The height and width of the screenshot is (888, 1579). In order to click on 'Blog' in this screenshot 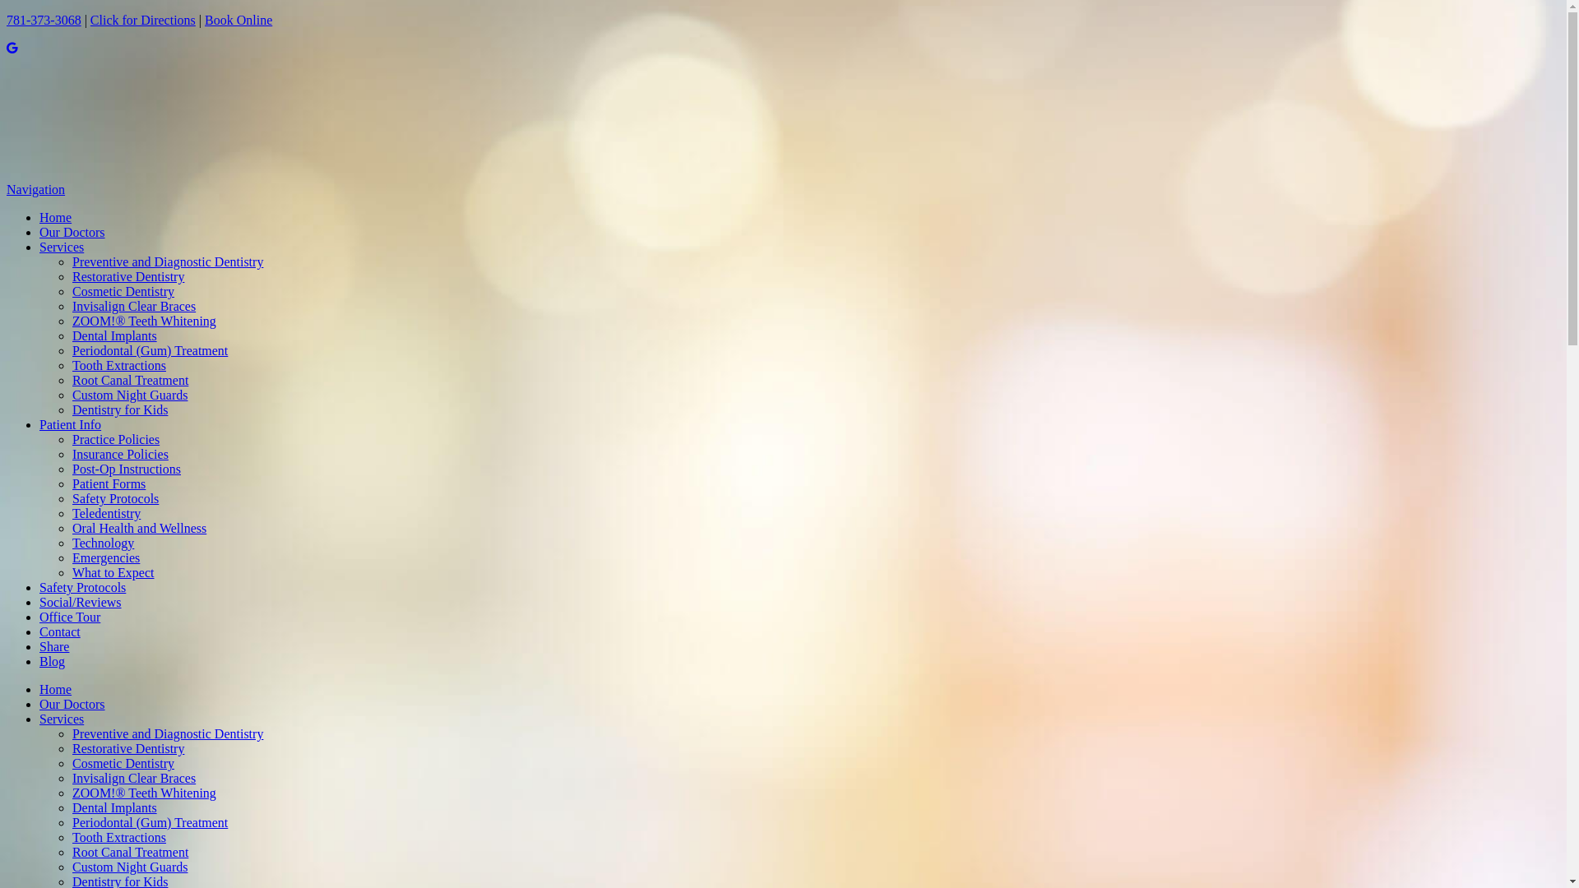, I will do `click(52, 660)`.